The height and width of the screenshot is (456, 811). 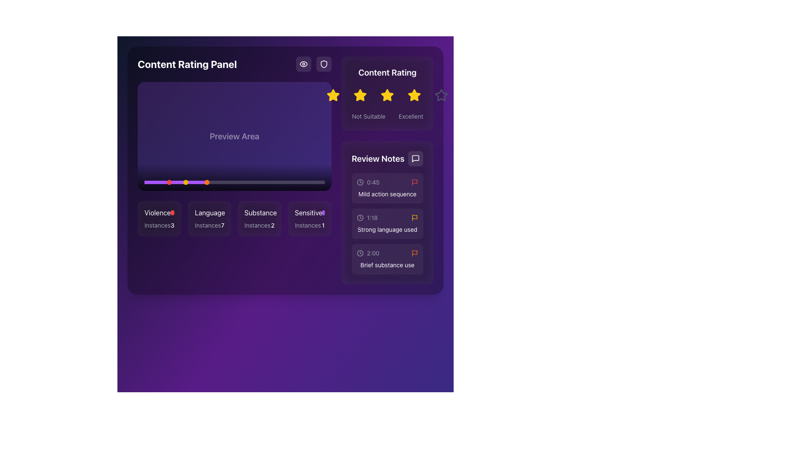 I want to click on the Decorative overlay, which is a lowermost gradient bar in the purple-themed preview area, located directly below the 'Preview Area' text, so click(x=234, y=177).